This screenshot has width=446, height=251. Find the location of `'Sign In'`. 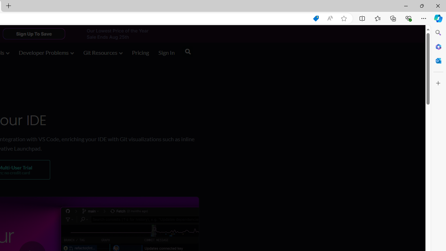

'Sign In' is located at coordinates (166, 53).